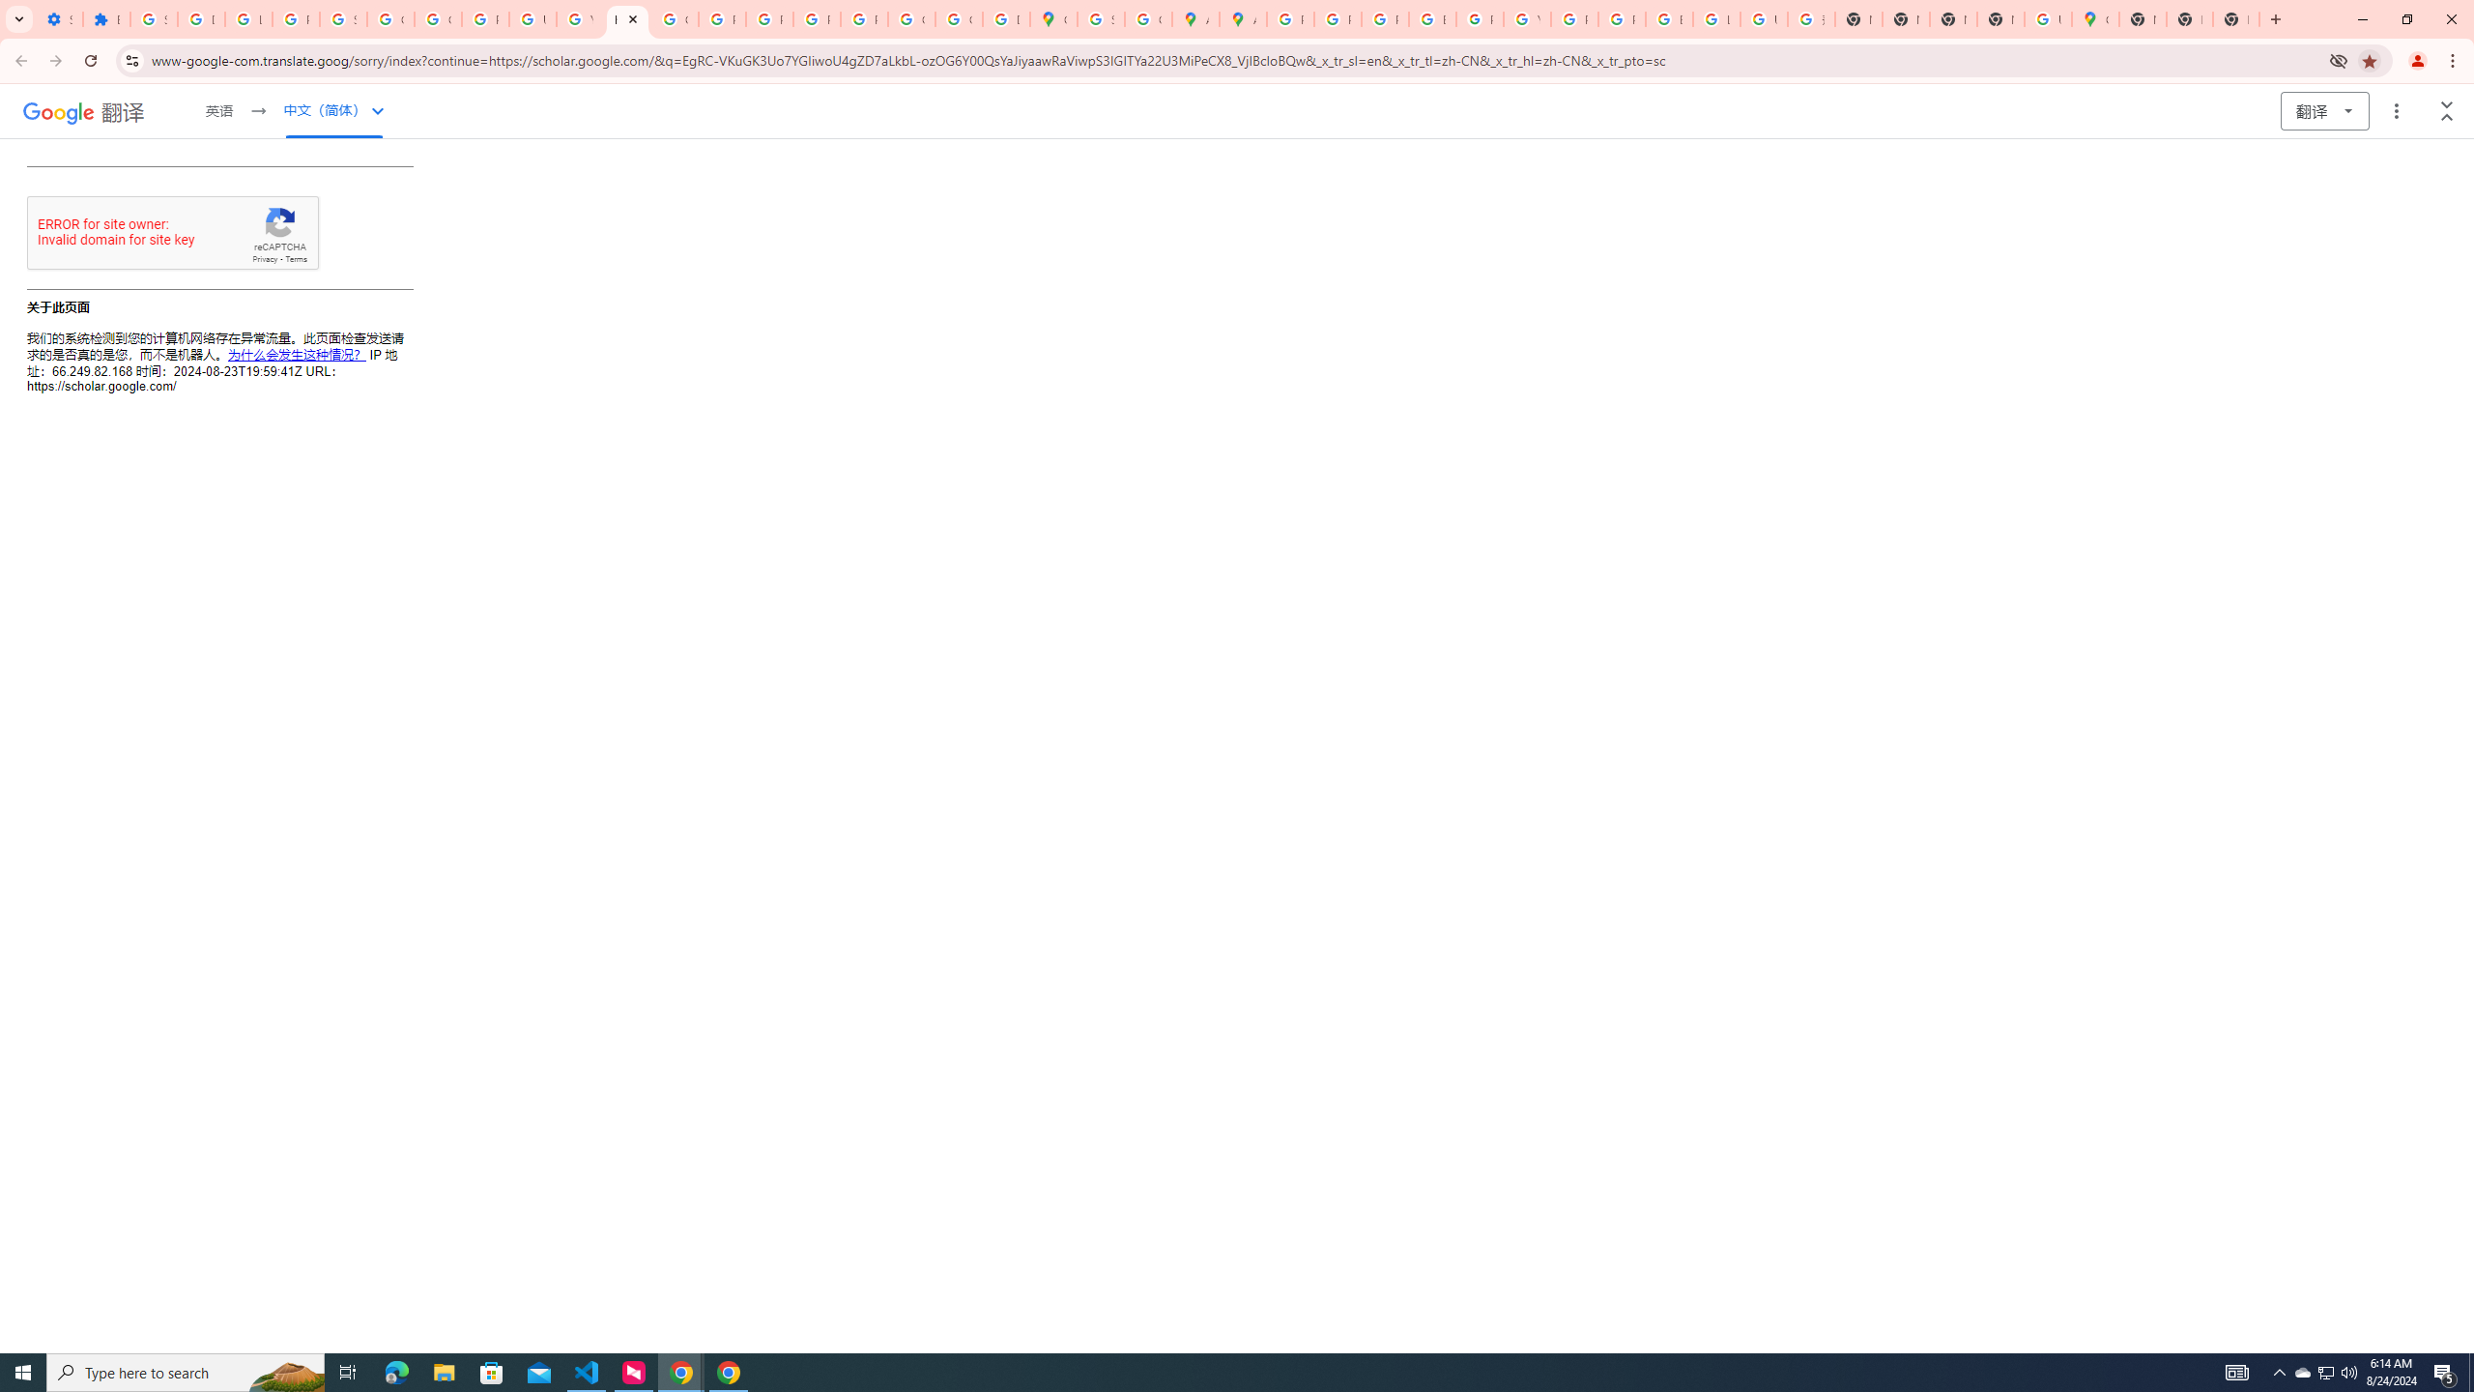  What do you see at coordinates (389, 18) in the screenshot?
I see `'Google Account Help'` at bounding box center [389, 18].